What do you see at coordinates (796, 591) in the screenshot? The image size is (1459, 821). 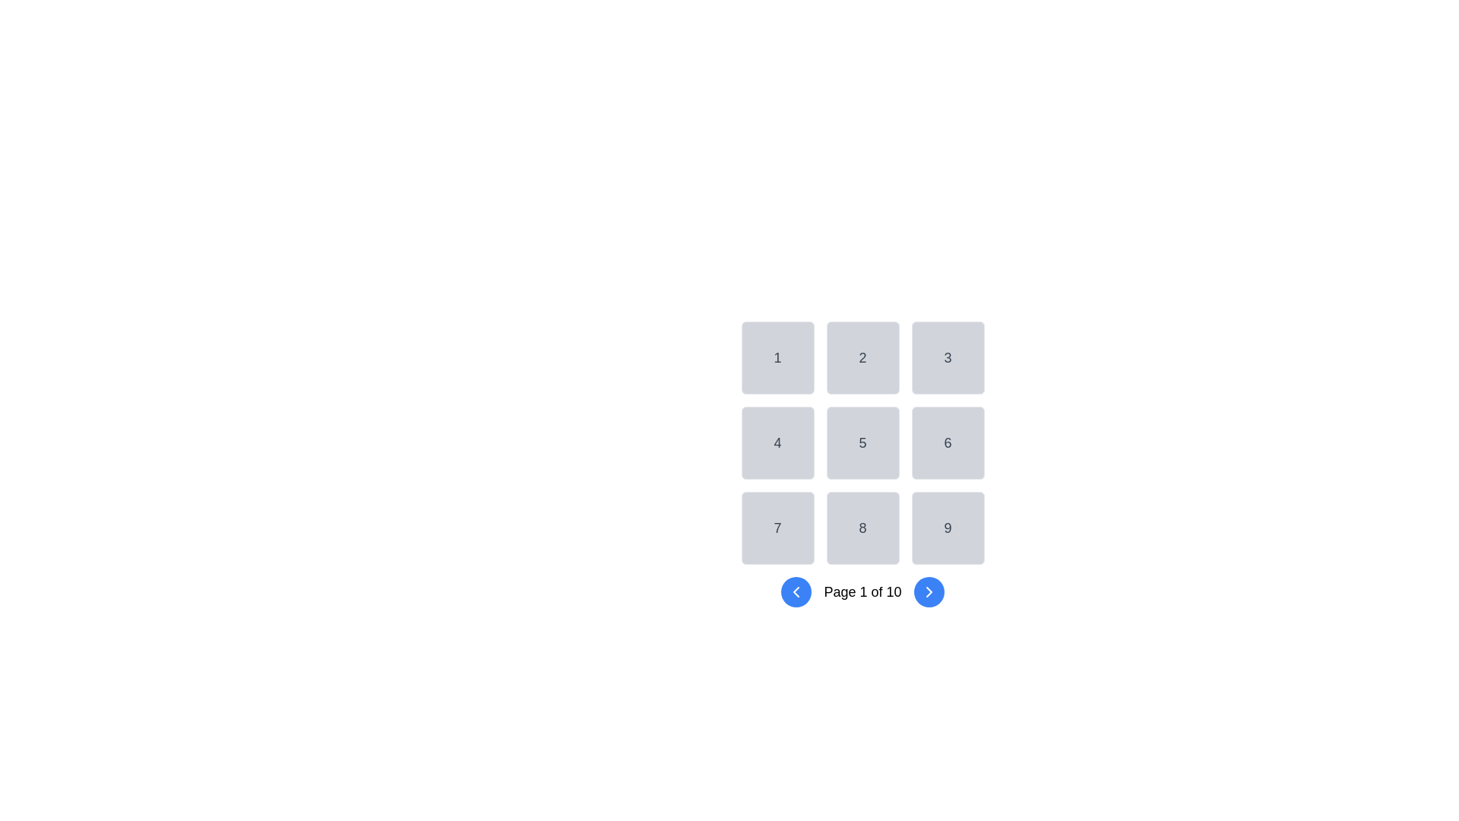 I see `the interactive navigational arrow icon component inside the circular blue button located at the bottom left of the pagination section` at bounding box center [796, 591].